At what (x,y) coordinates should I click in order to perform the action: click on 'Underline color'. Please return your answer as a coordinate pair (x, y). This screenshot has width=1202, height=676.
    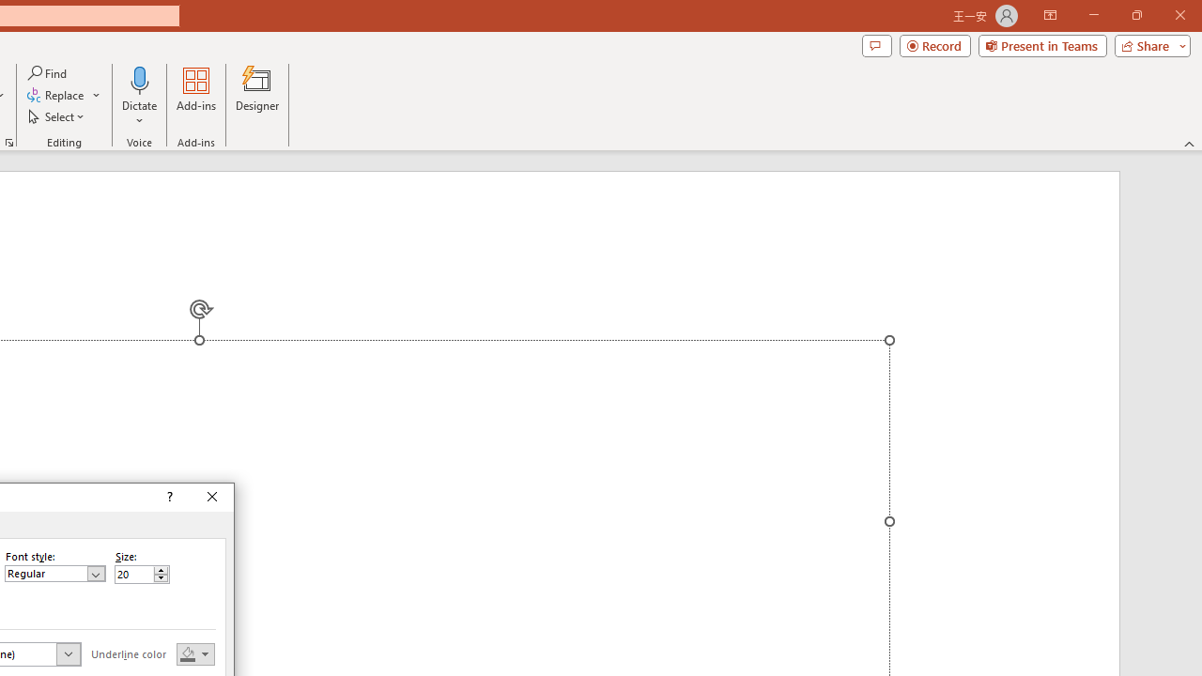
    Looking at the image, I should click on (195, 653).